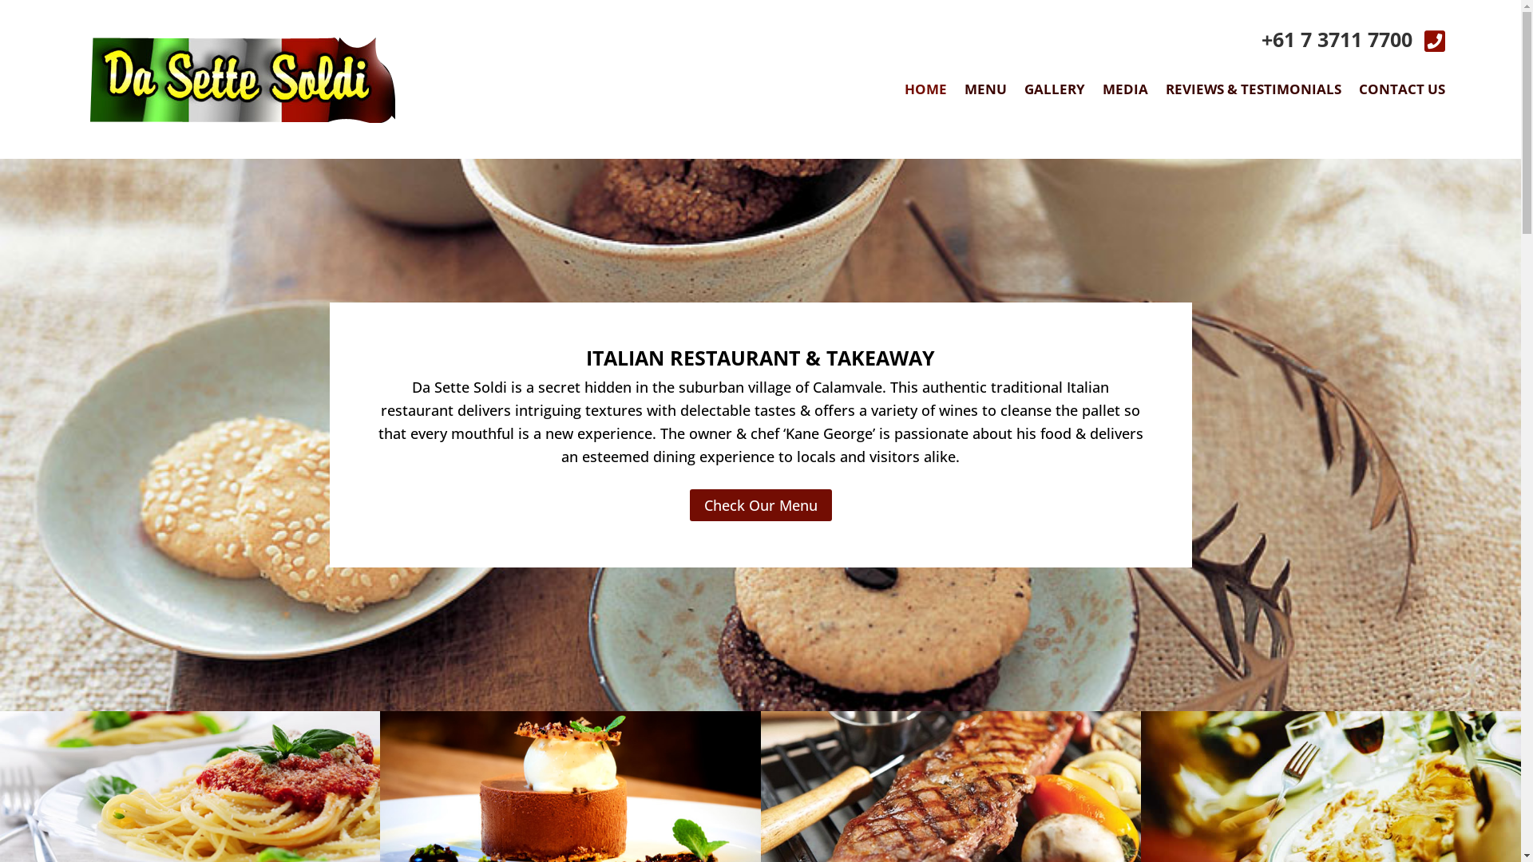 This screenshot has height=862, width=1533. What do you see at coordinates (1124, 92) in the screenshot?
I see `'MEDIA'` at bounding box center [1124, 92].